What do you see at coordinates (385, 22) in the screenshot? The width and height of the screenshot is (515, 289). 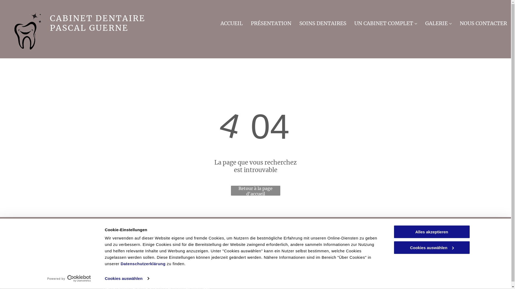 I see `'UN CABINET COMPLET'` at bounding box center [385, 22].